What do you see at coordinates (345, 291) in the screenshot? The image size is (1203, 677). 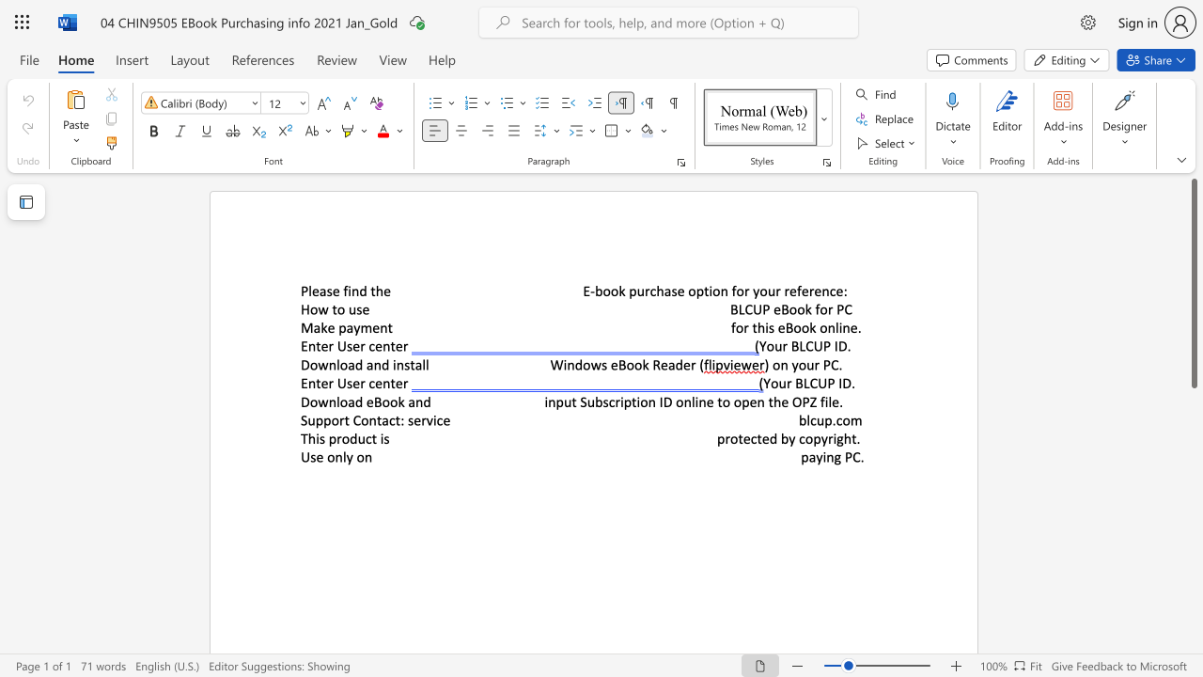 I see `the 1th character "f" in the text` at bounding box center [345, 291].